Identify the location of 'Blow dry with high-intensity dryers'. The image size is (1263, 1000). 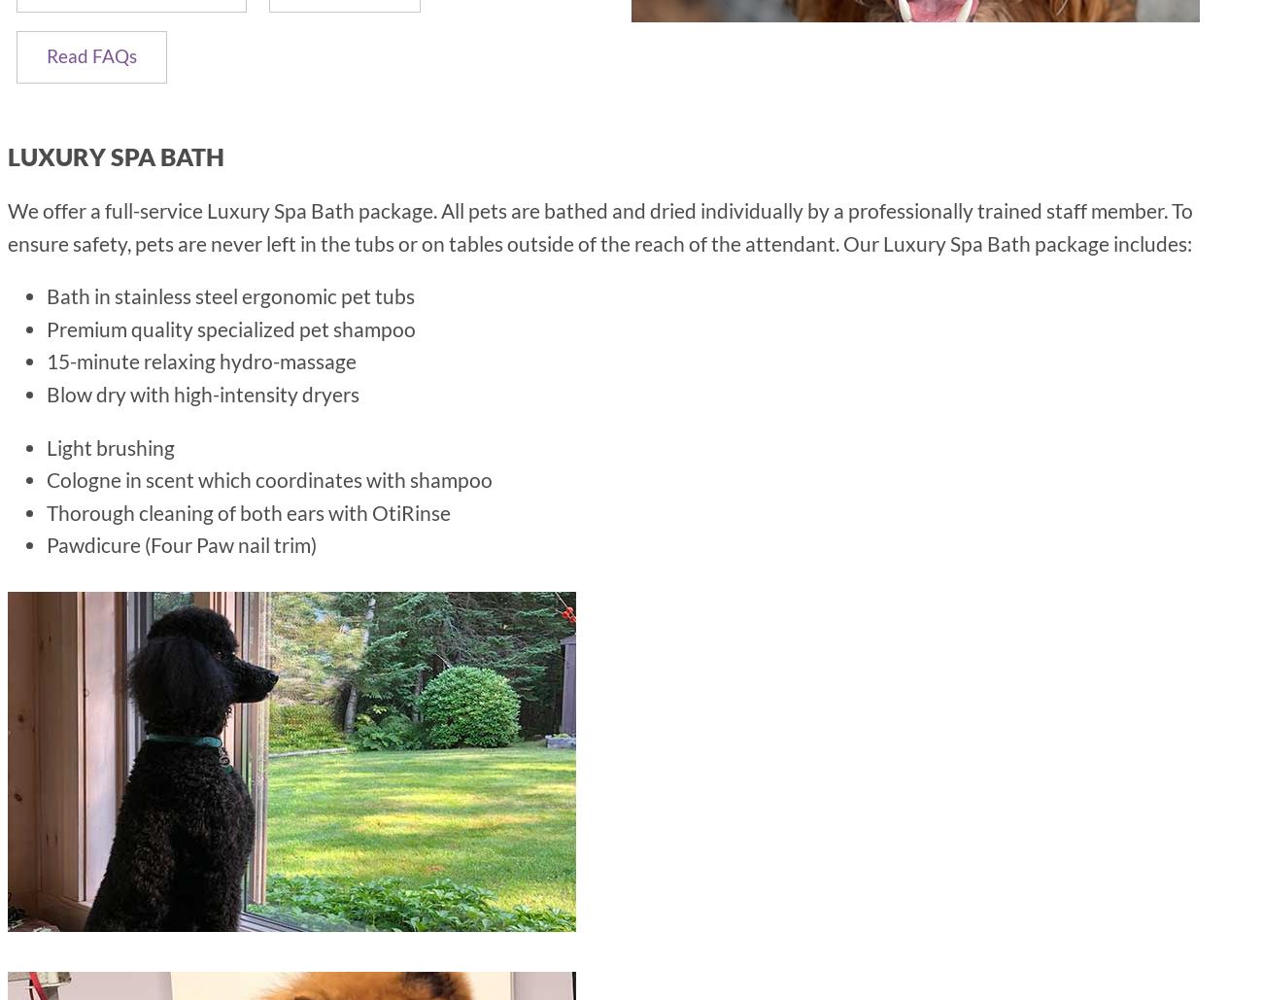
(203, 392).